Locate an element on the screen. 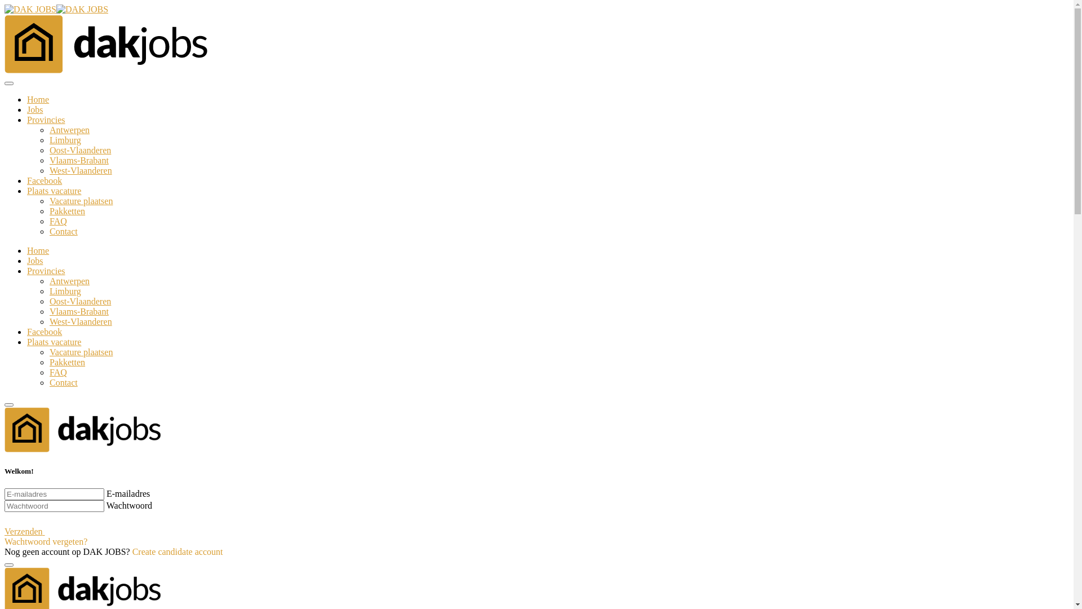 This screenshot has width=1082, height=609. 'Provincies' is located at coordinates (27, 120).